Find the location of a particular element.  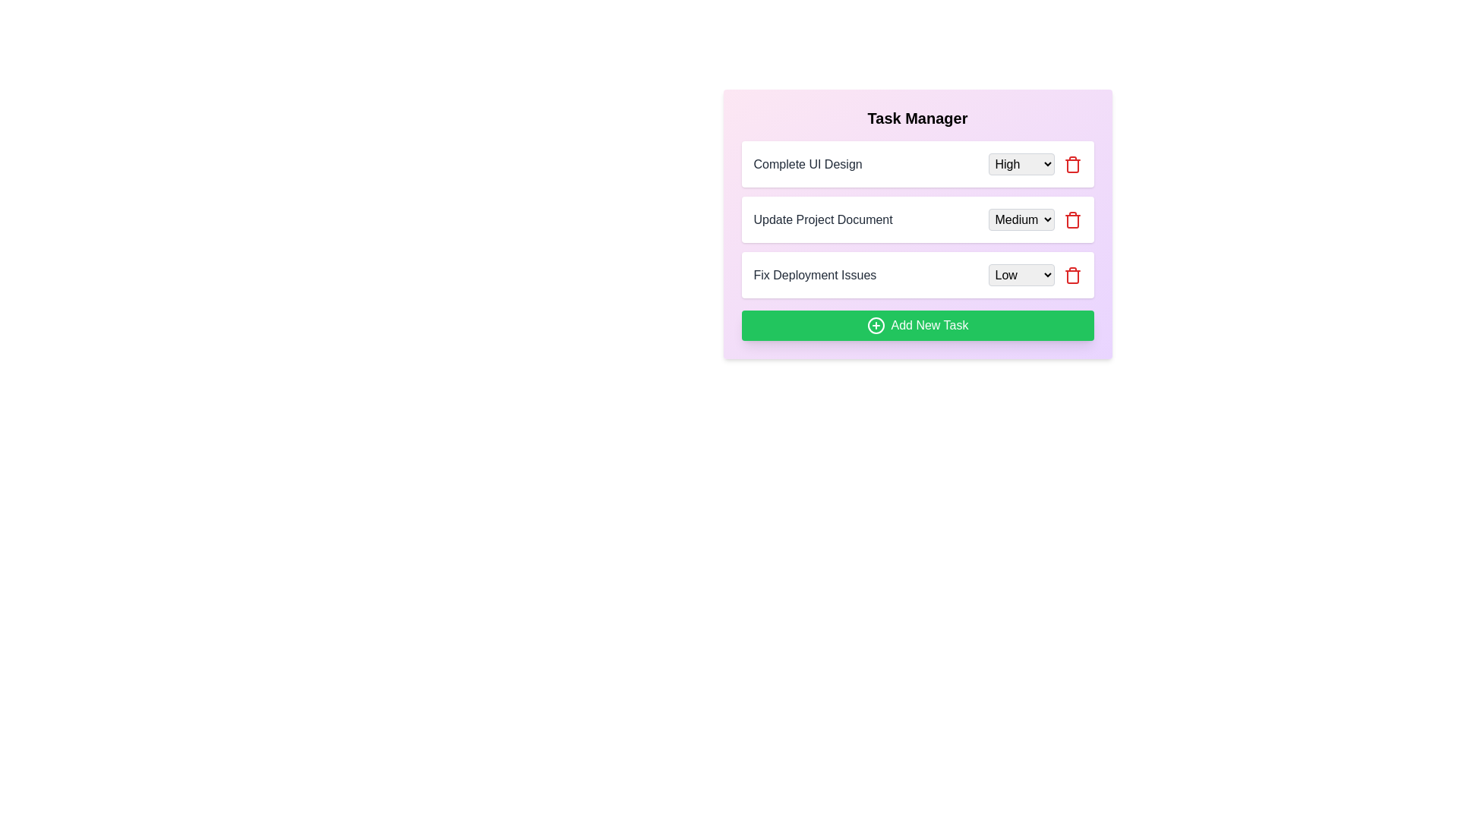

the trash icon button for the task with the name Fix Deployment Issues is located at coordinates (1071, 275).